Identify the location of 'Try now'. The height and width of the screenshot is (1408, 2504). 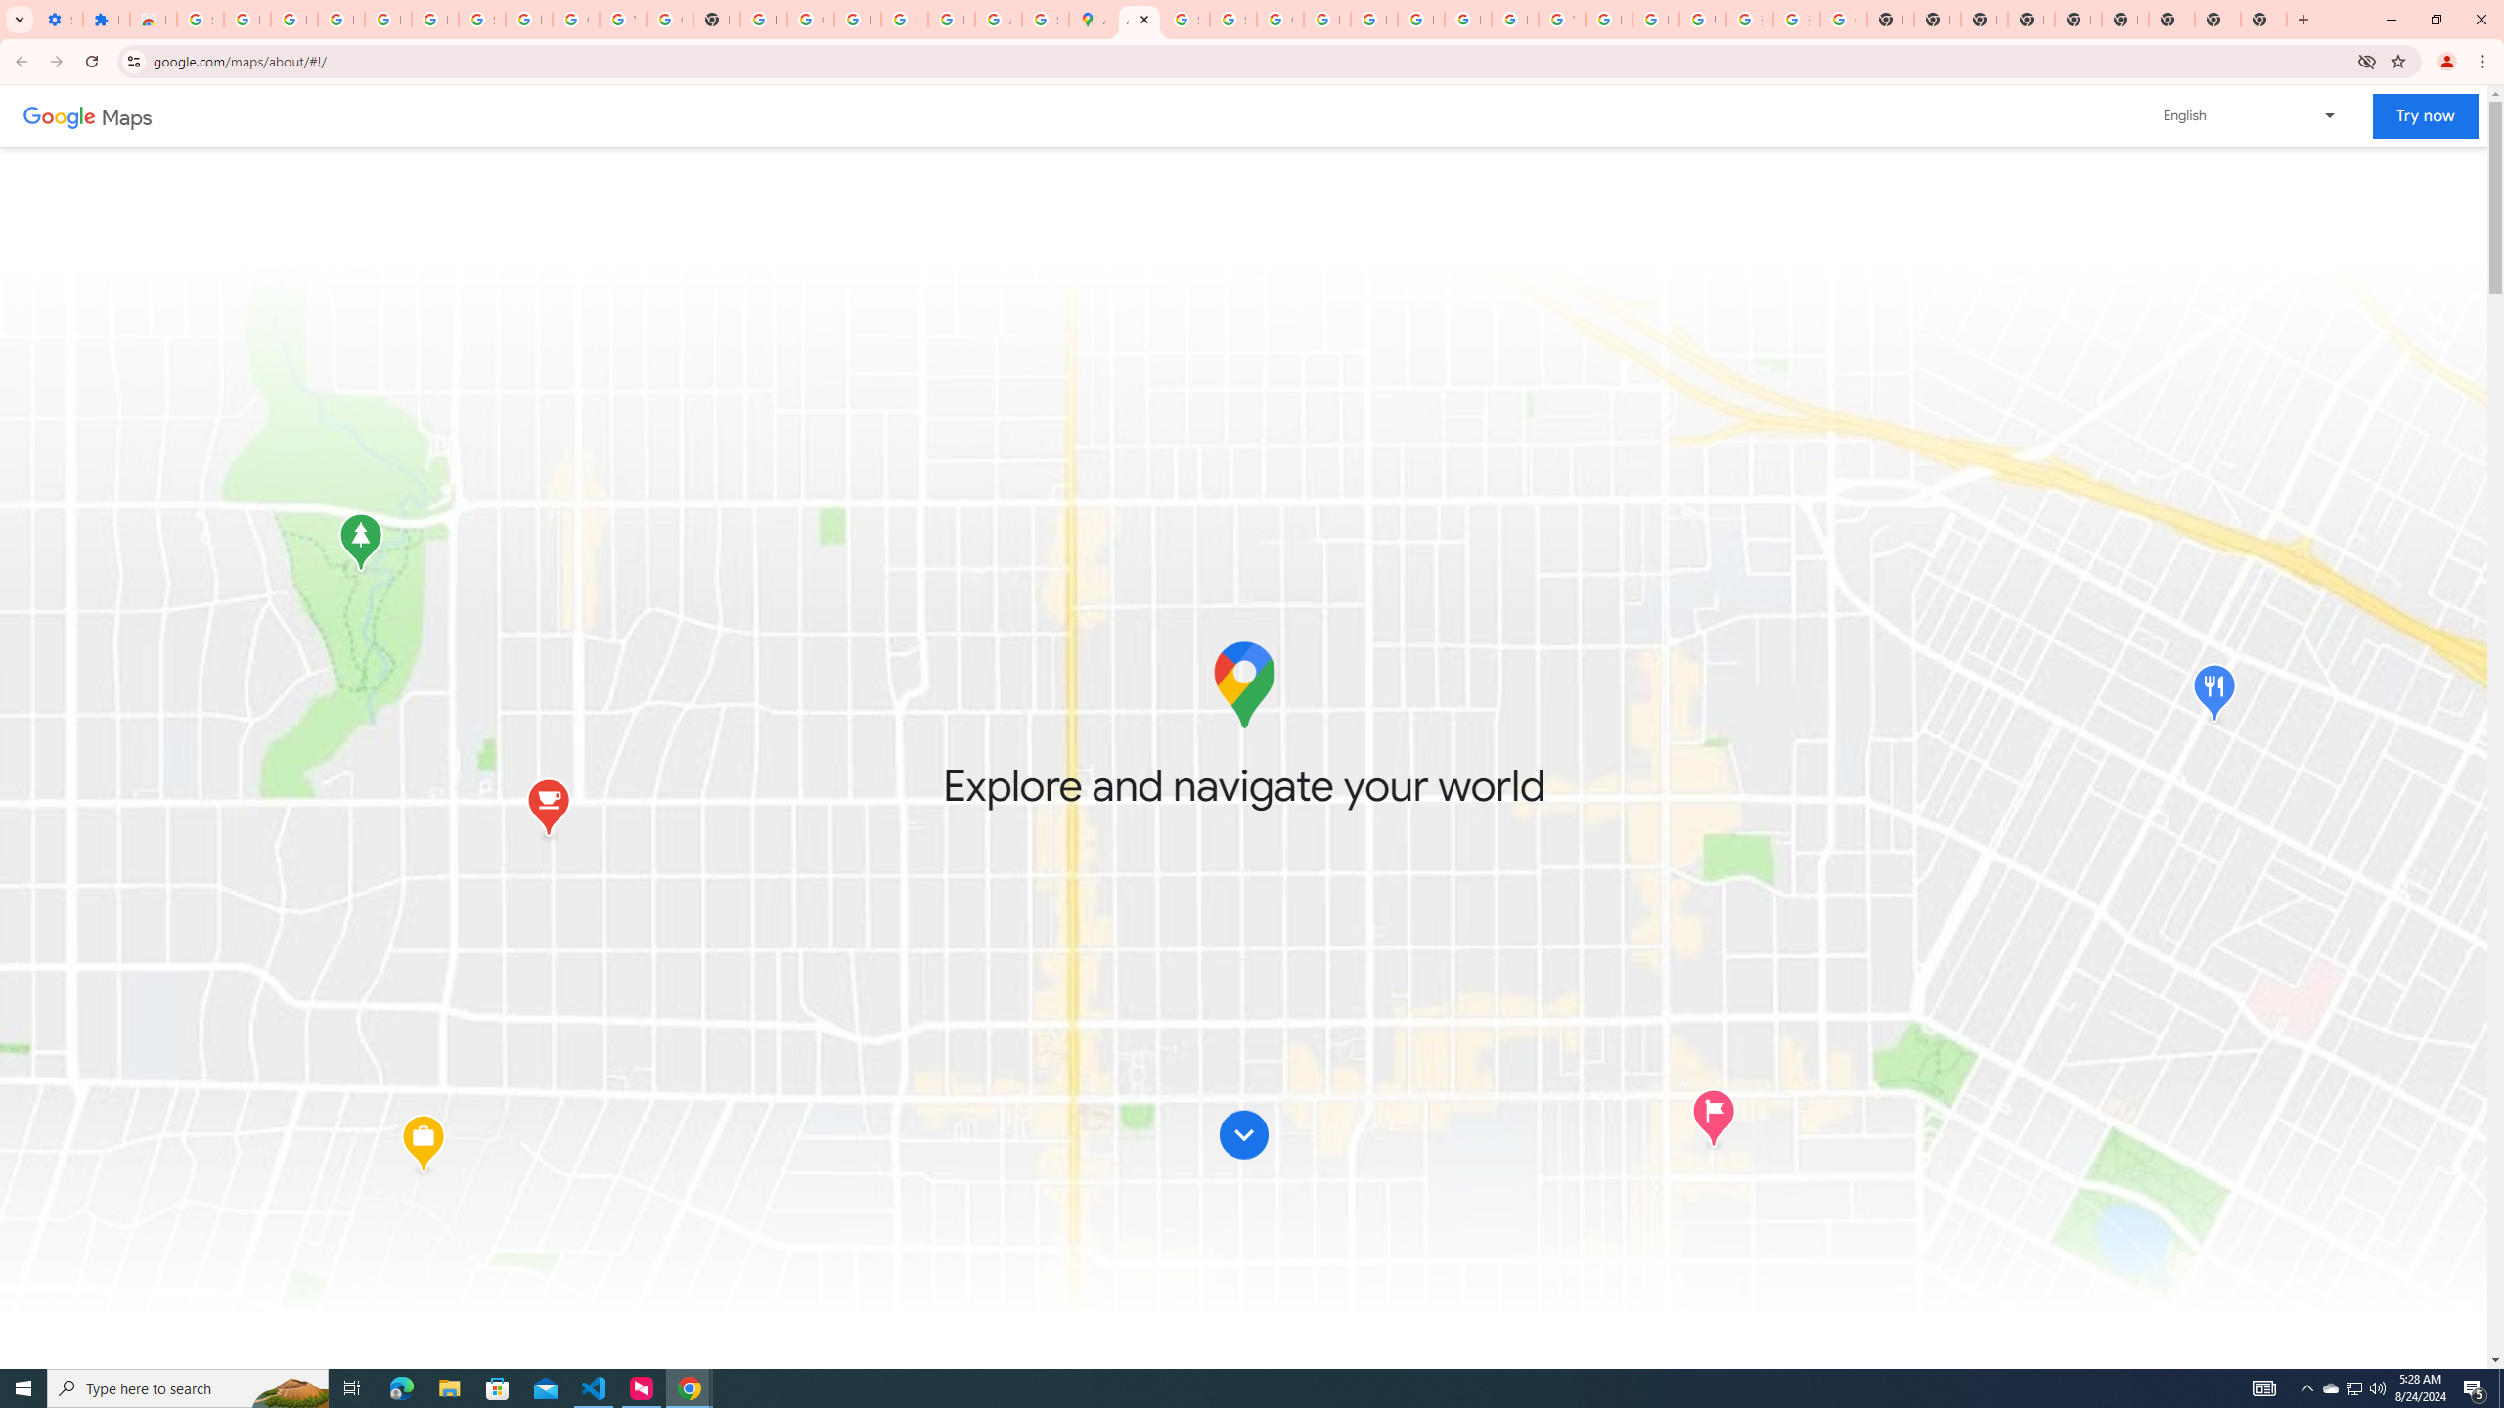
(2424, 115).